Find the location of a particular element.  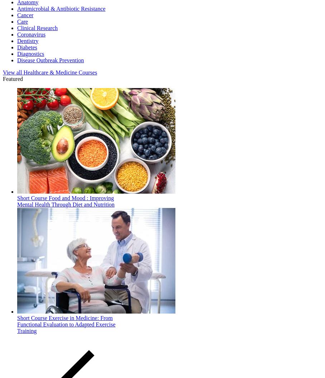

'Coronavirus' is located at coordinates (31, 34).